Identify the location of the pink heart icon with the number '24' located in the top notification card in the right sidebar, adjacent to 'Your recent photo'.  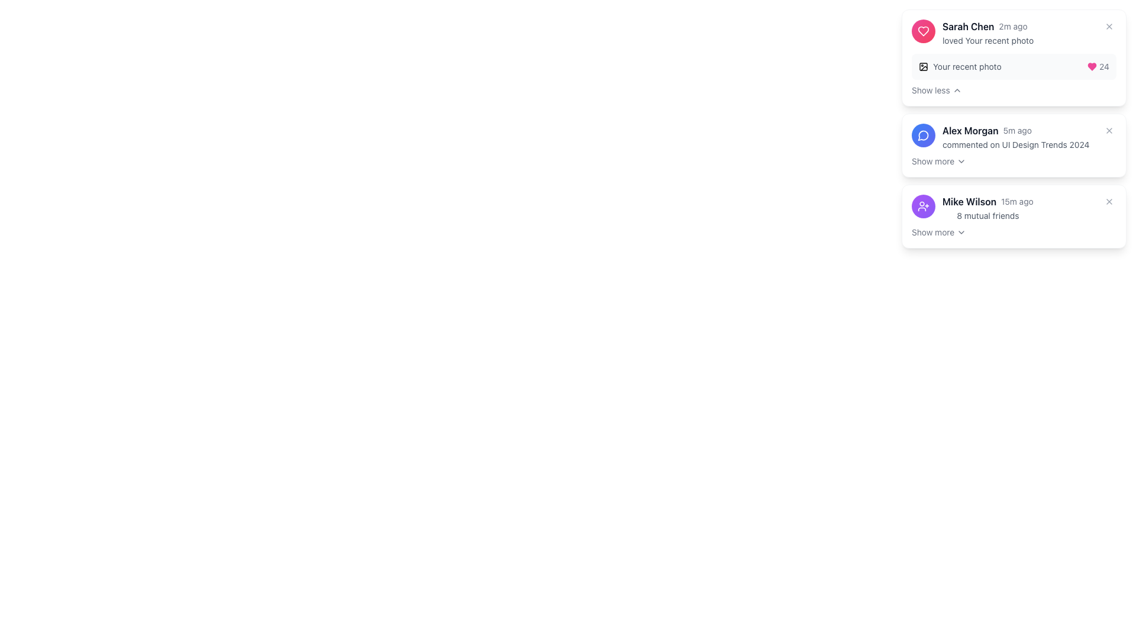
(1098, 66).